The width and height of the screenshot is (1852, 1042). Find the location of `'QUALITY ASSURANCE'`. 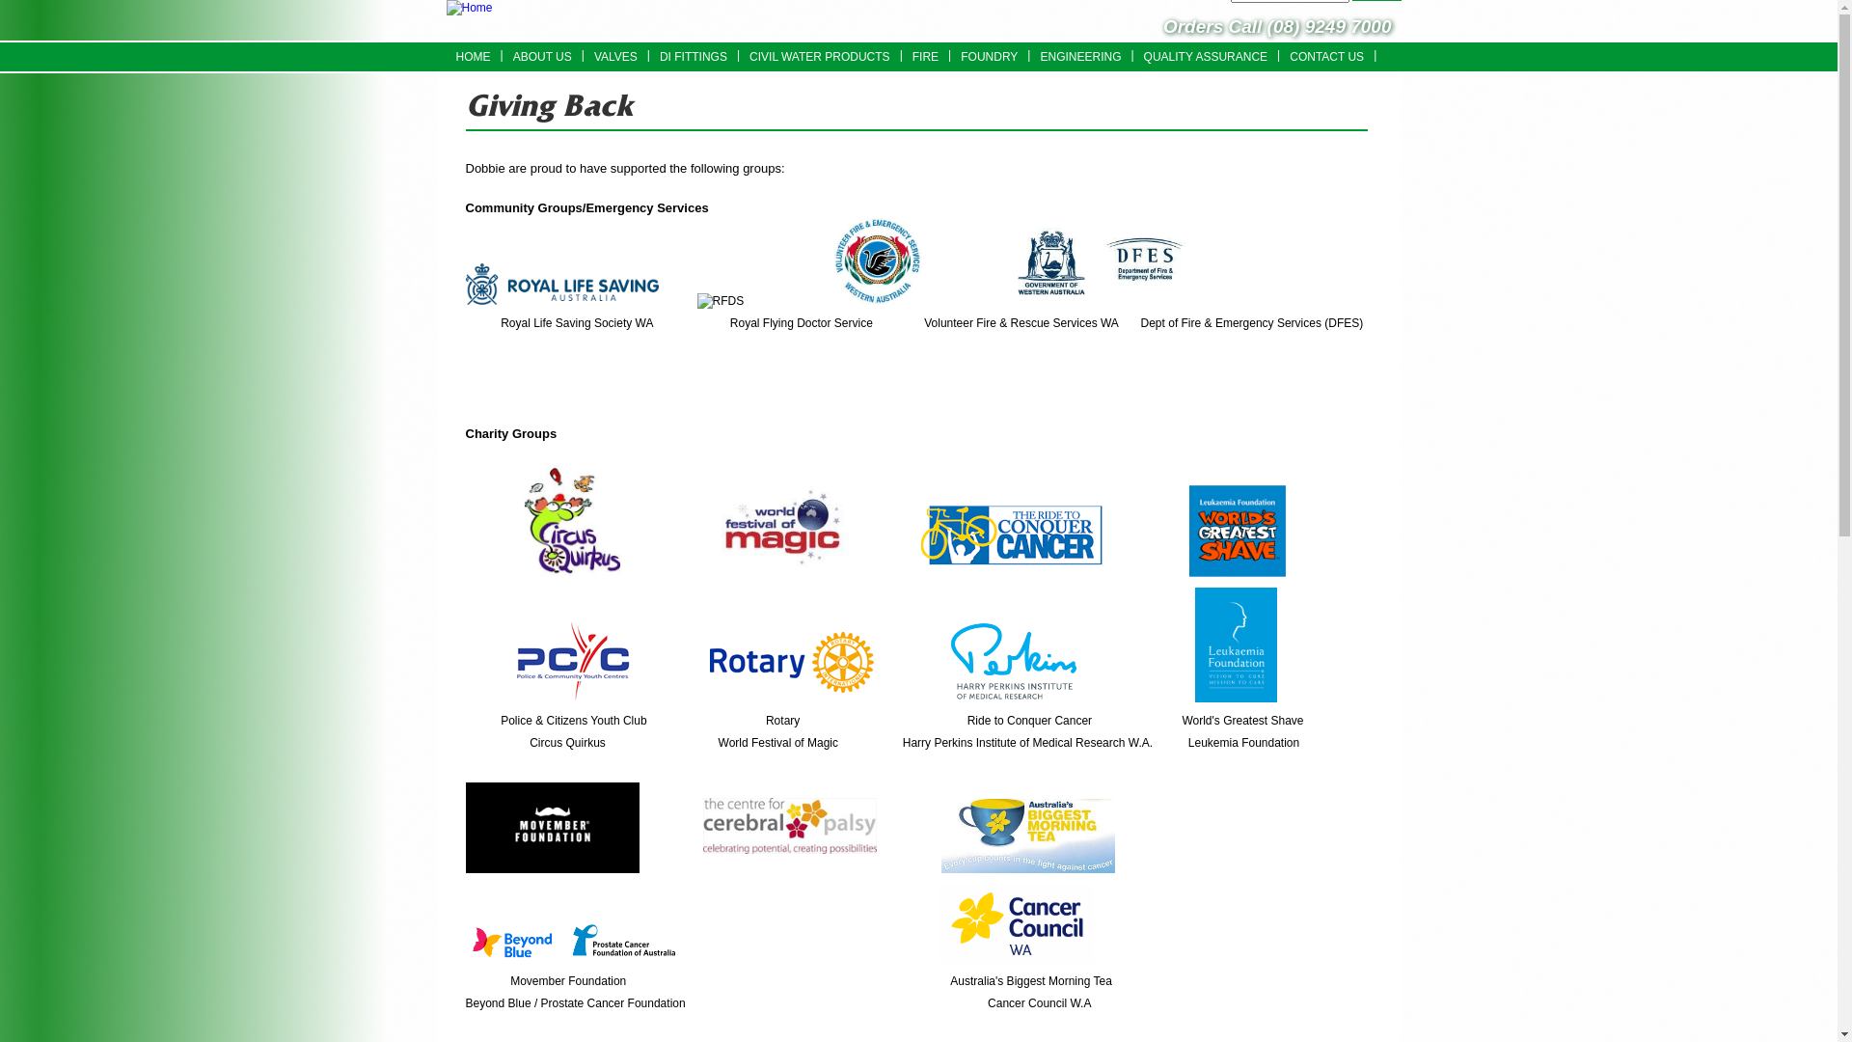

'QUALITY ASSURANCE' is located at coordinates (1204, 56).